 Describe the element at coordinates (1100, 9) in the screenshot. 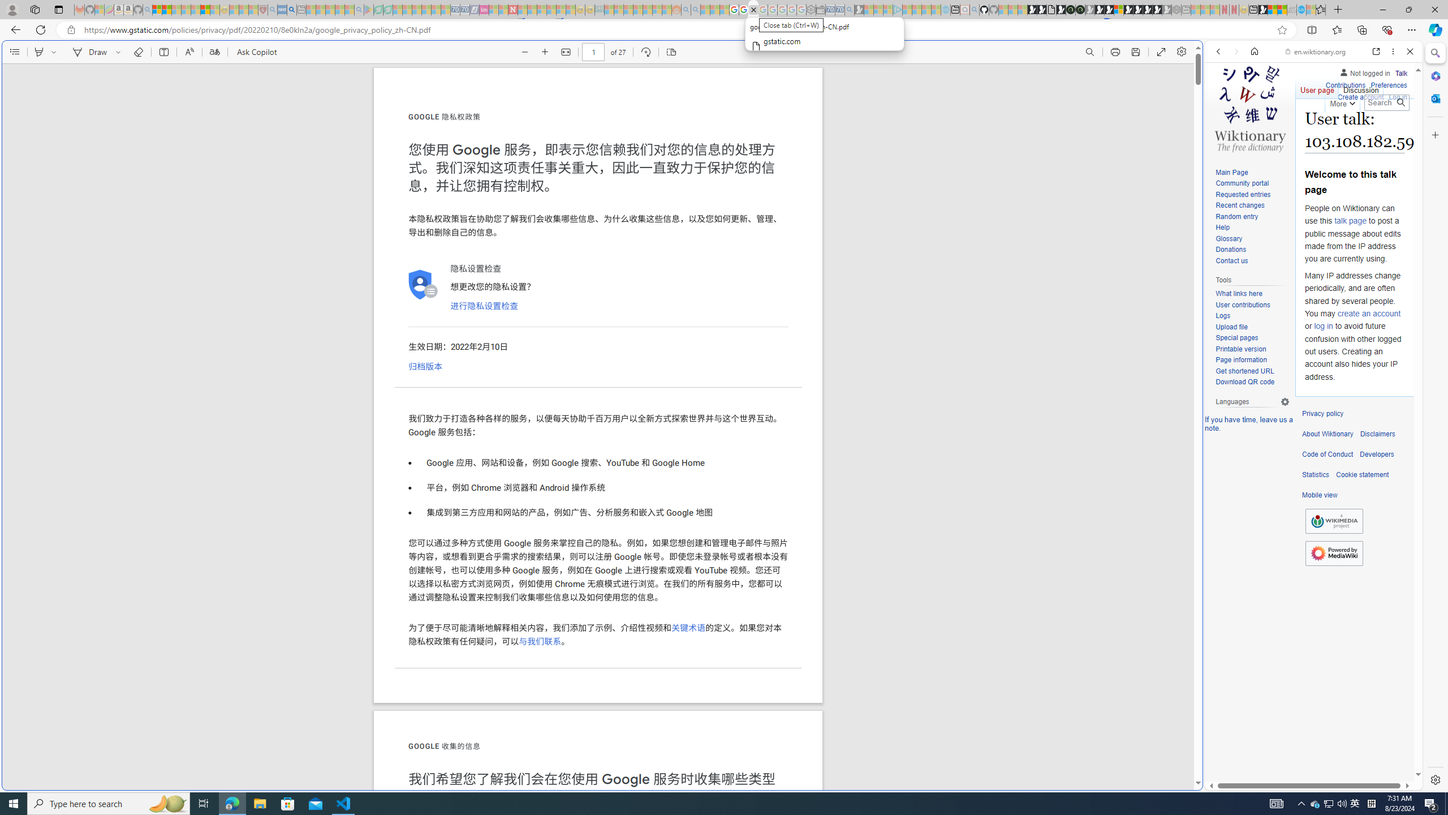

I see `'Play Cave FRVR in your browser | Games from Microsoft Start'` at that location.